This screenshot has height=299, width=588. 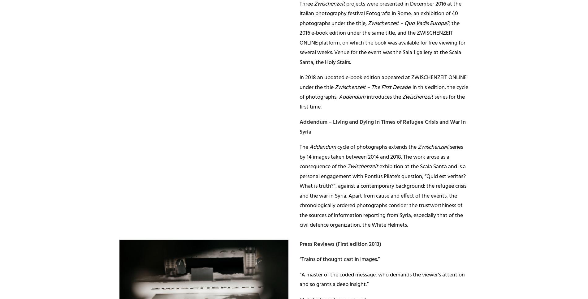 I want to click on 'series by 14 images taken between 2014 and 2018. The work arose as a consequence of the', so click(x=381, y=156).